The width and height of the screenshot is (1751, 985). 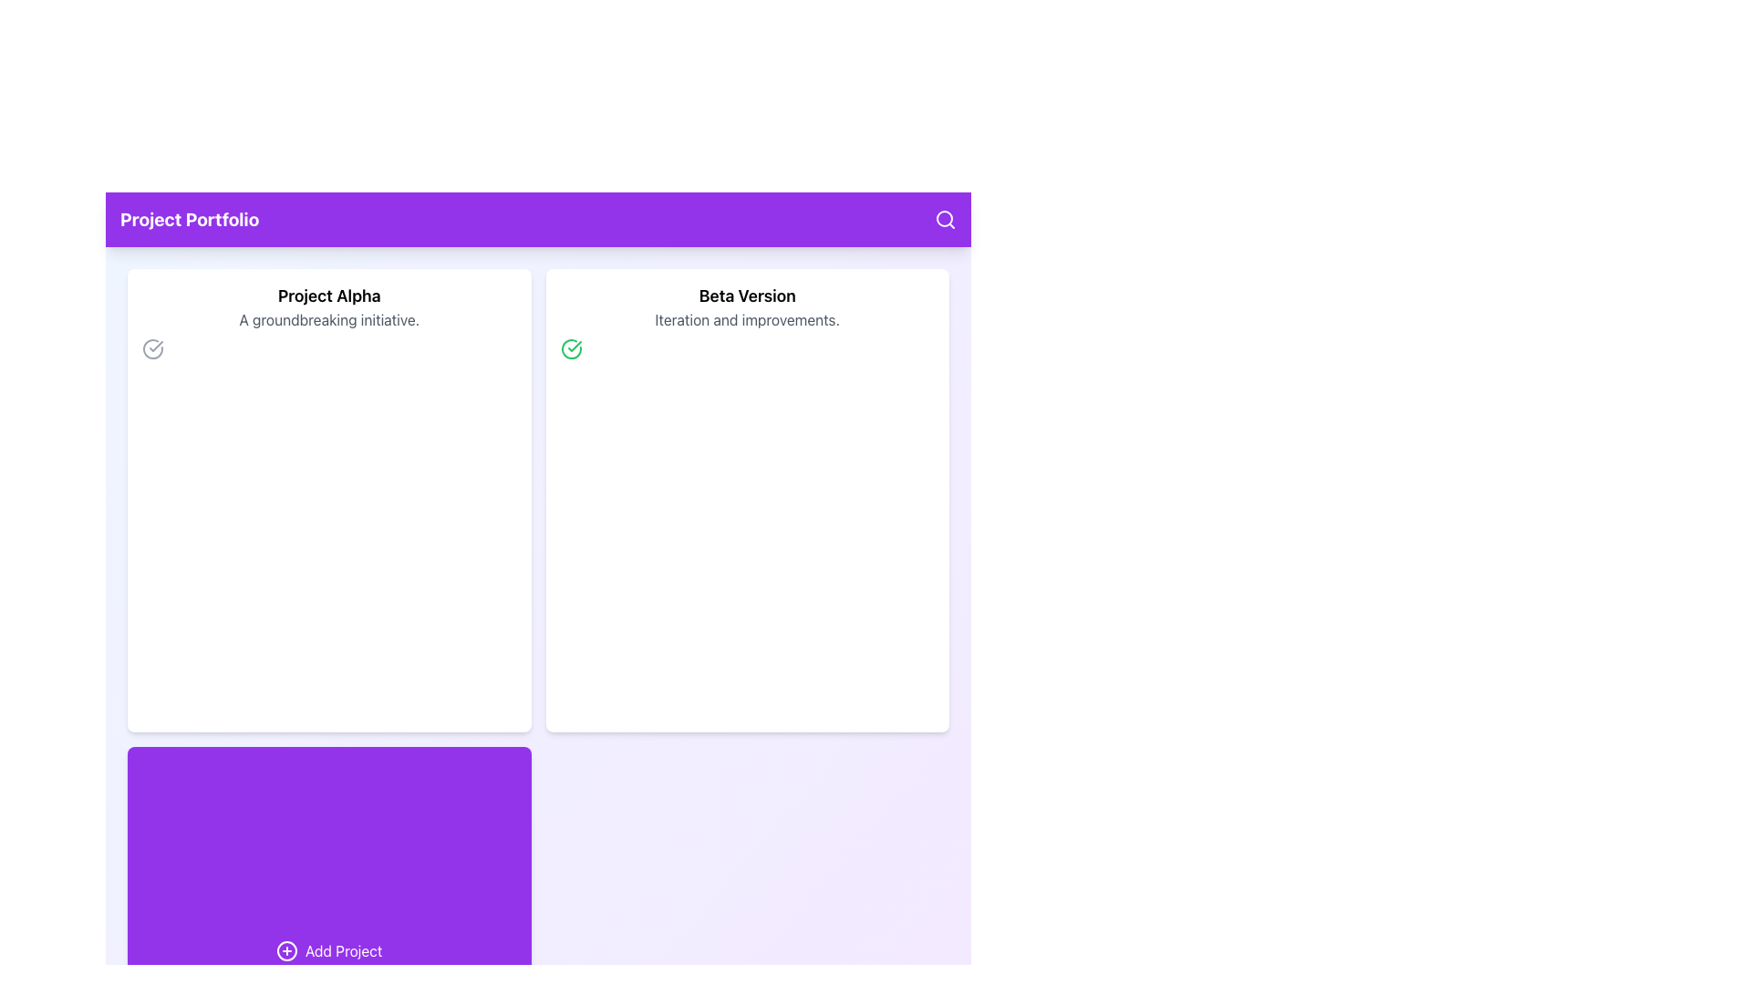 What do you see at coordinates (153, 348) in the screenshot?
I see `the SVG-based graphic element that serves as a decorative or status indicator within the 'Project Alpha' card, located at the top left inside the card` at bounding box center [153, 348].